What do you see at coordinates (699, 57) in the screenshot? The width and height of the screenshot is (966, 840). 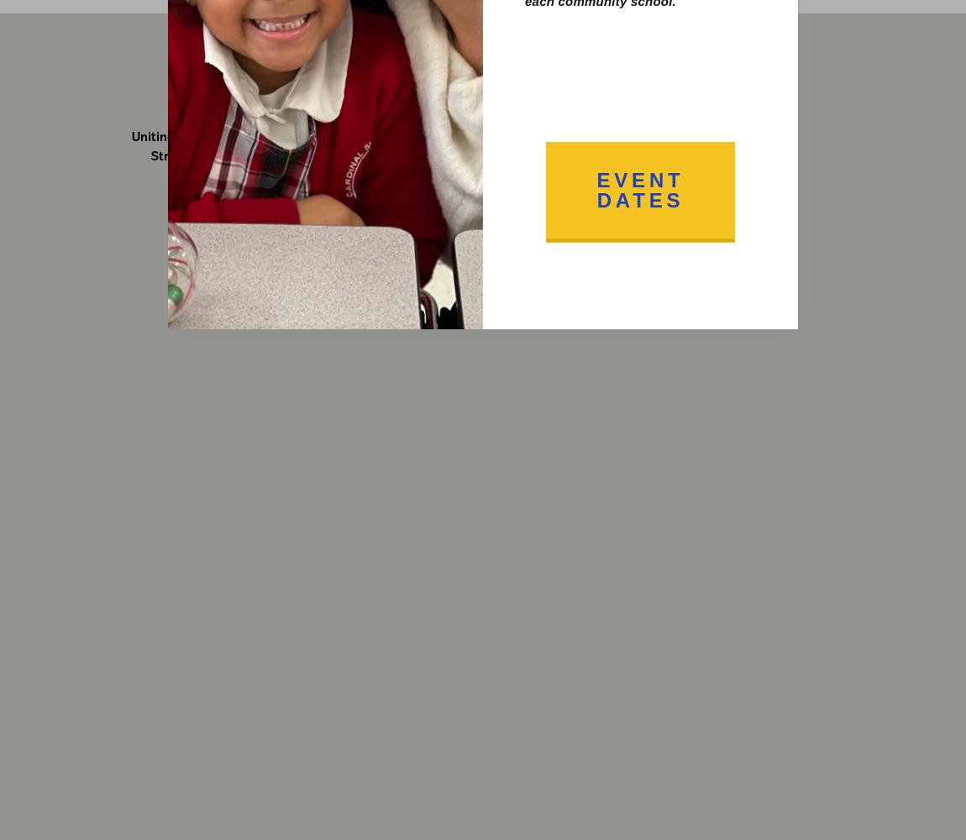 I see `'DONATE'` at bounding box center [699, 57].